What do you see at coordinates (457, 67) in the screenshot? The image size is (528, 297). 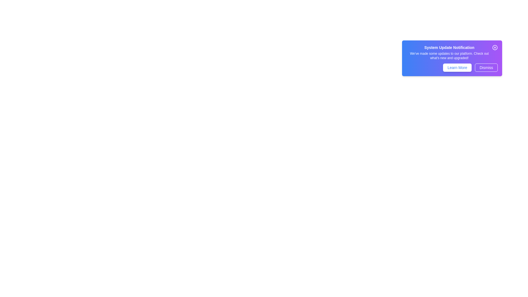 I see `the first button in the notification card at the top-right area of the interface` at bounding box center [457, 67].